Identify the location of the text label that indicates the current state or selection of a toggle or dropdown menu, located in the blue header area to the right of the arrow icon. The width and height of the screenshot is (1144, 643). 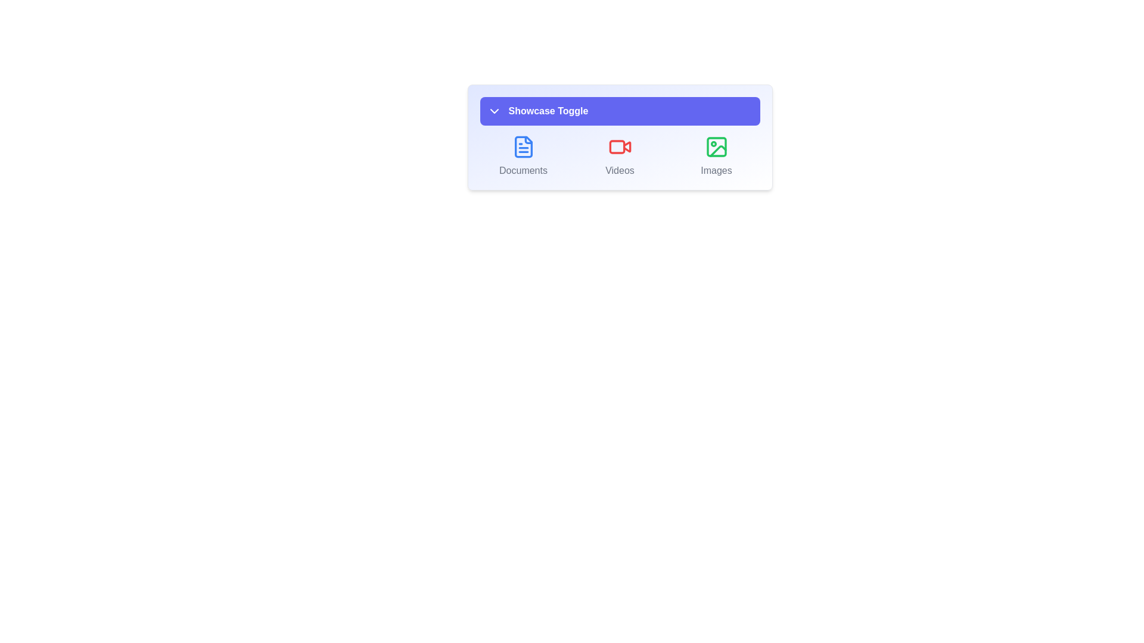
(548, 111).